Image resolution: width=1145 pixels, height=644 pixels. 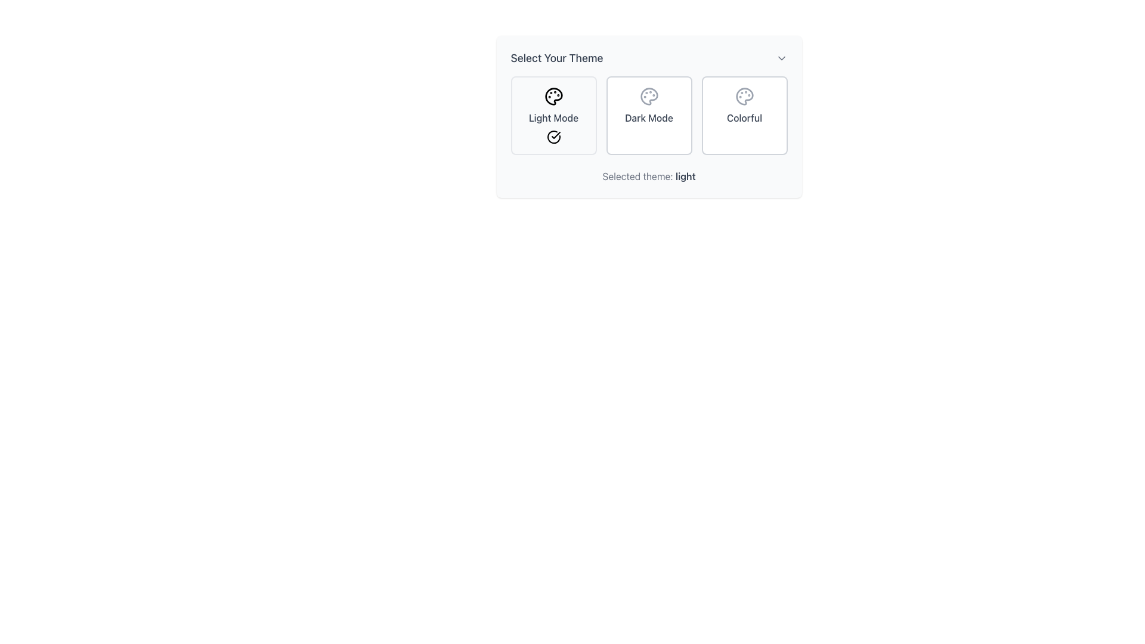 I want to click on label indicating the theme choice titled 'Colorful', located beneath a palette icon in the last option of selectable themes, so click(x=744, y=117).